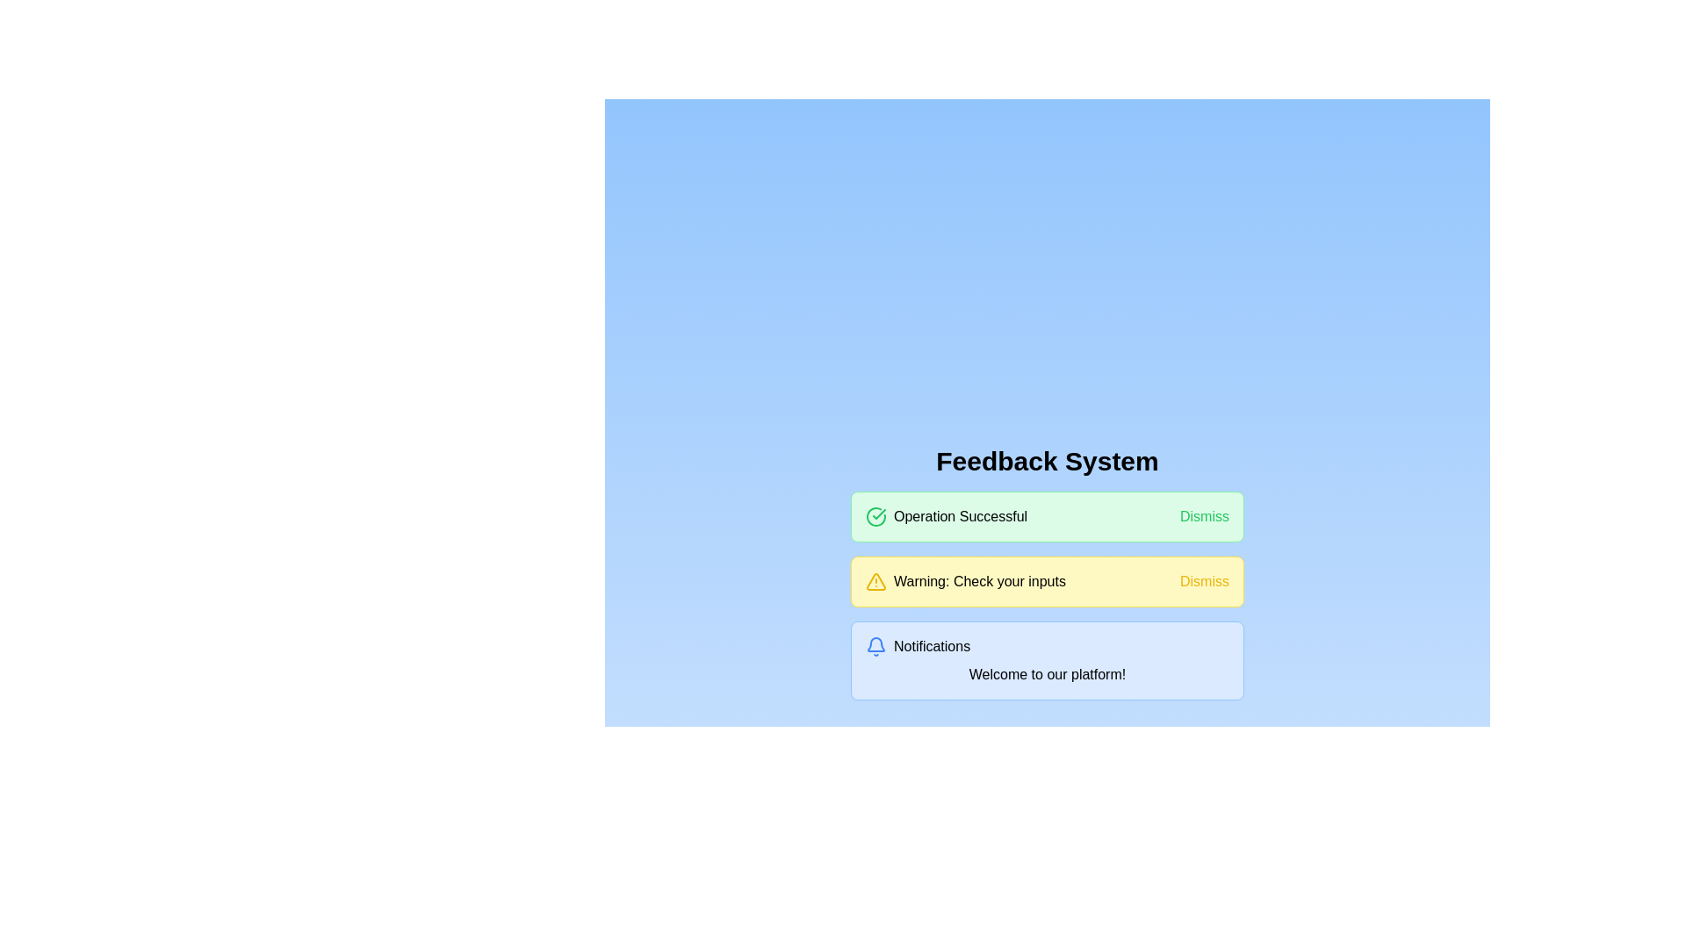 This screenshot has height=948, width=1686. What do you see at coordinates (964, 582) in the screenshot?
I see `the yellow notification box displaying 'Warning: Check your inputs' by clicking on it` at bounding box center [964, 582].